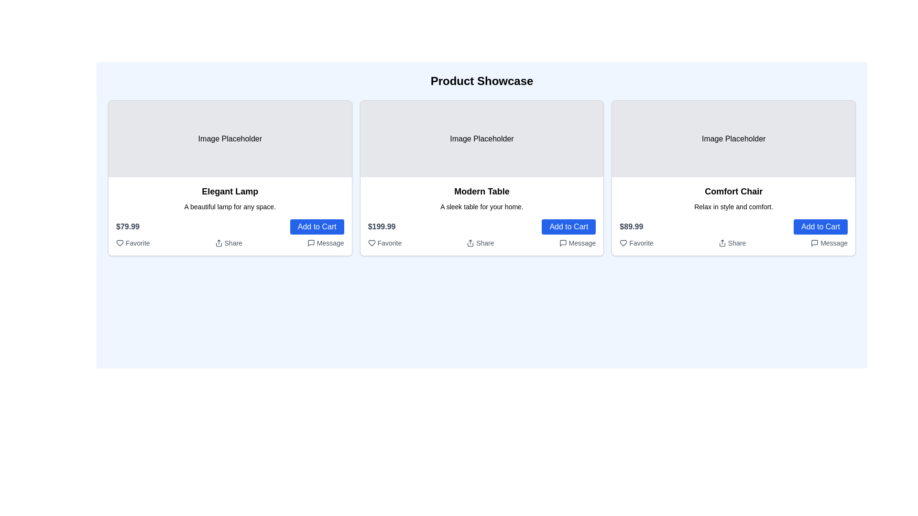 This screenshot has height=516, width=918. Describe the element at coordinates (732, 243) in the screenshot. I see `the share button located between the Favorite and Message buttons in the bottom section of the product card for 'Comfort Chair'` at that location.